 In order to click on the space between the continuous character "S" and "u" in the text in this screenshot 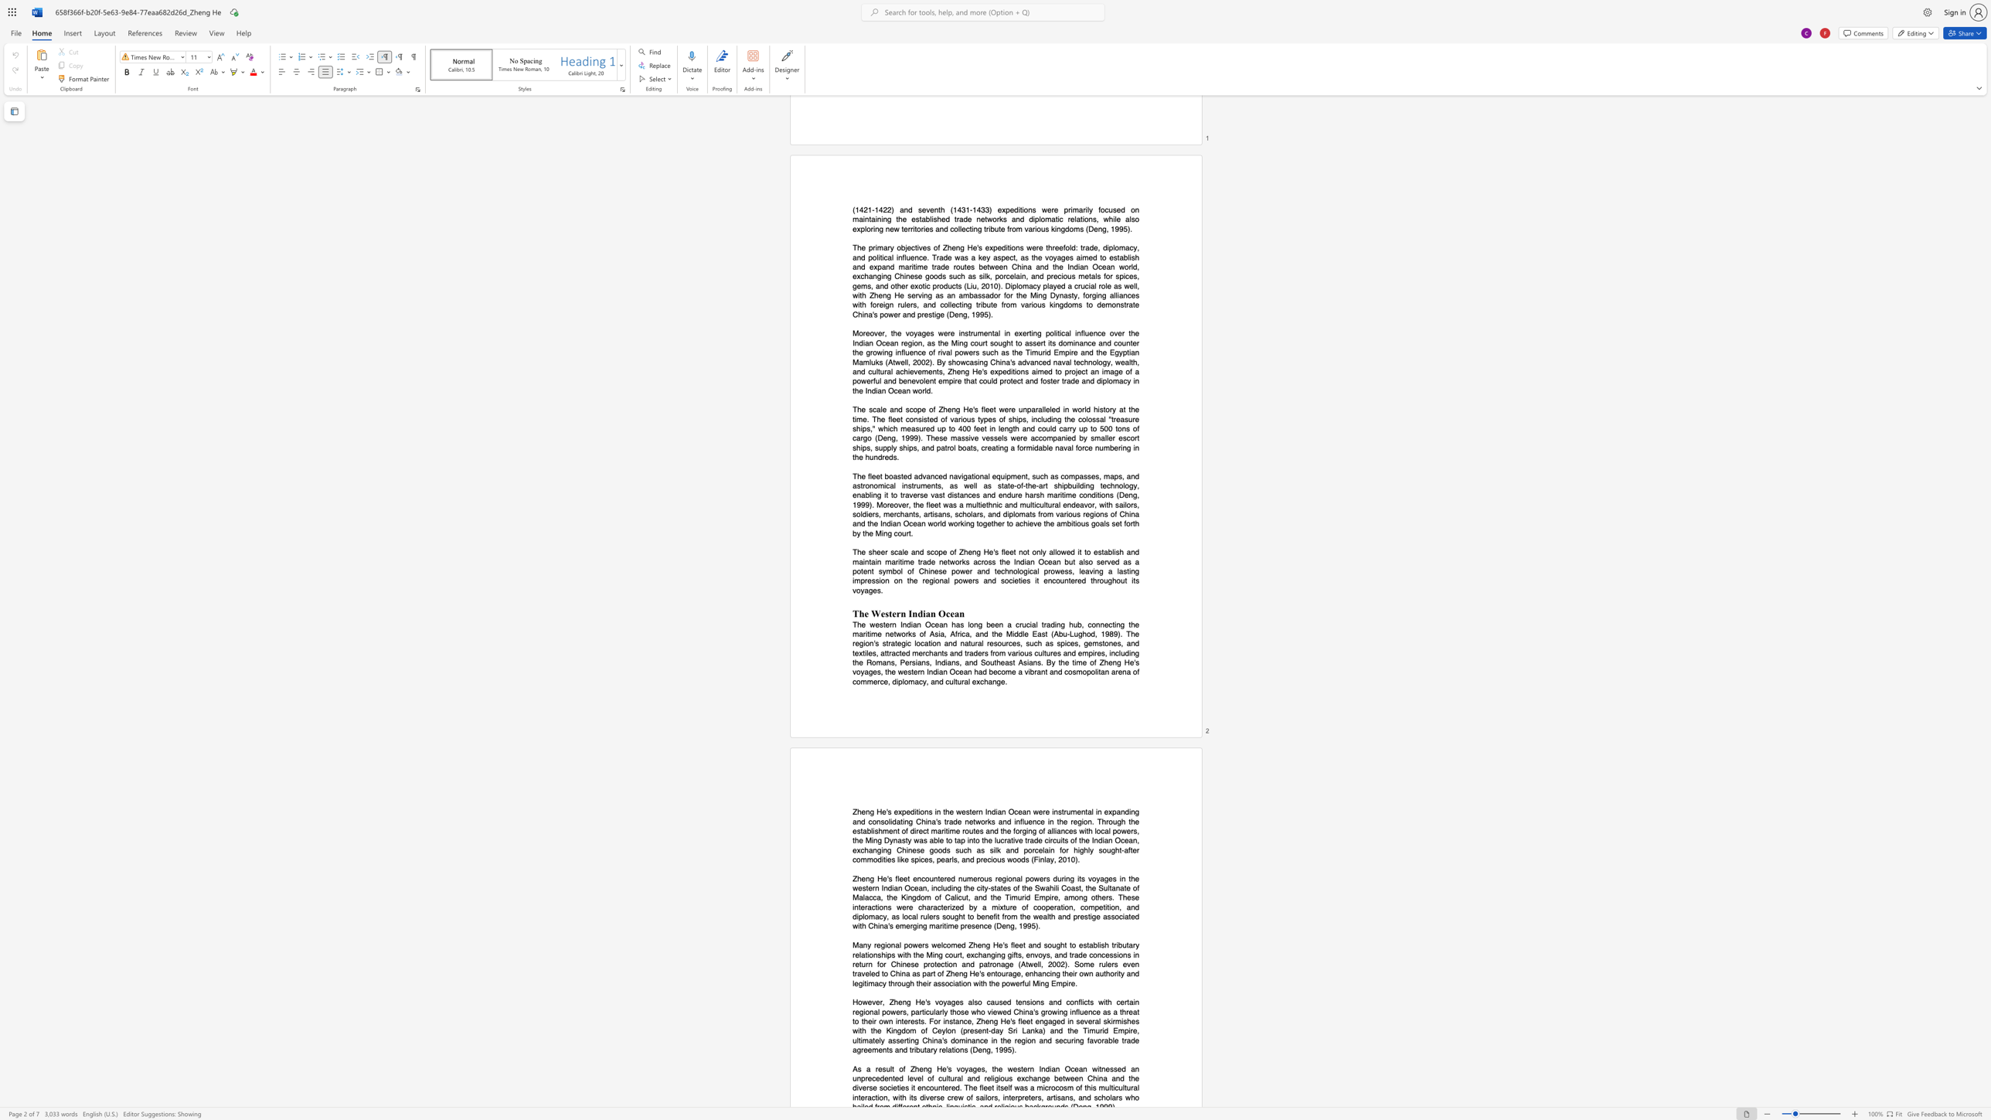, I will do `click(1103, 887)`.